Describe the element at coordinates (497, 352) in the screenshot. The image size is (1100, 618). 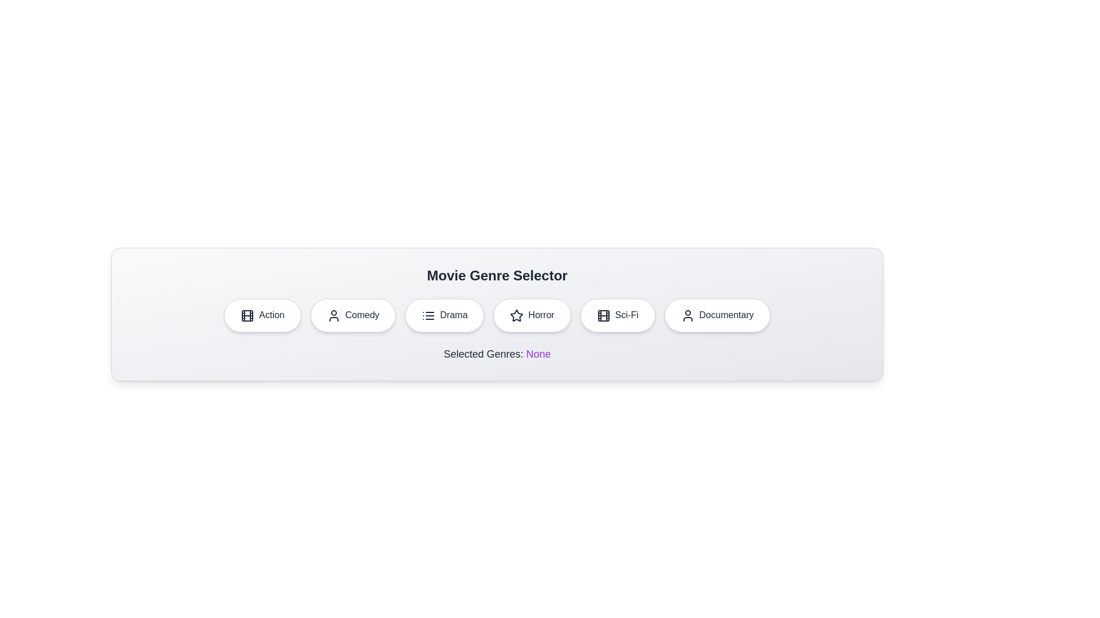
I see `text displayed in the text display that shows 'Selected Genres: None', styled with 'None' in purple color, located at the bottom of the genre selection interface` at that location.